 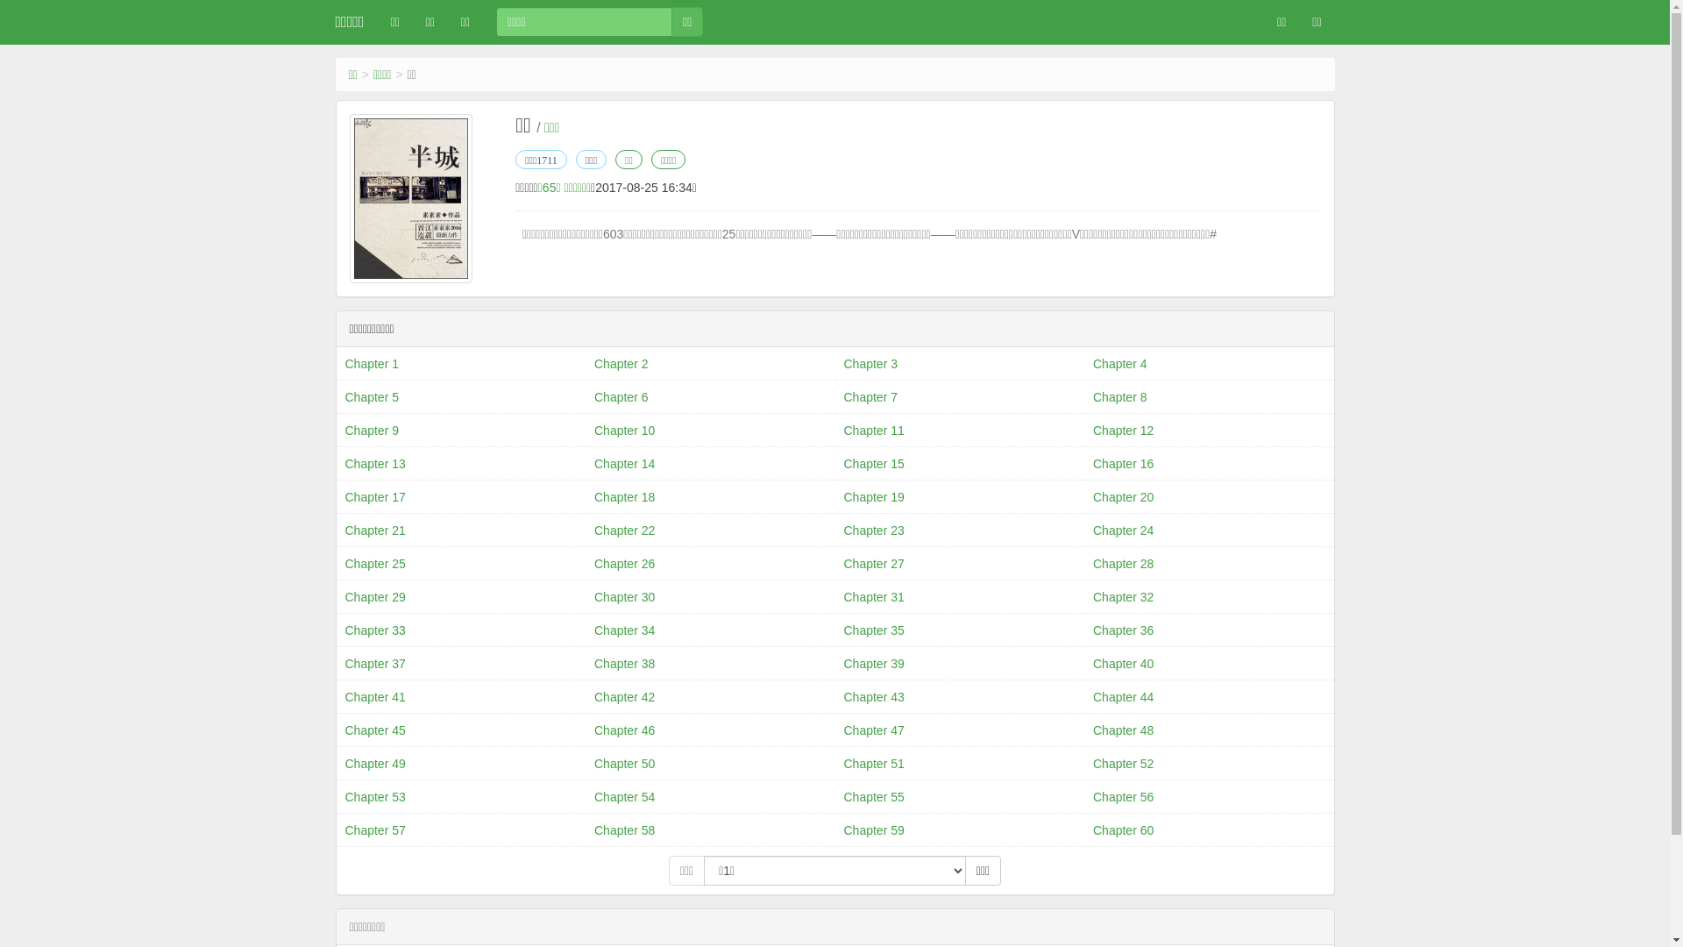 What do you see at coordinates (593, 797) in the screenshot?
I see `'Chapter 54'` at bounding box center [593, 797].